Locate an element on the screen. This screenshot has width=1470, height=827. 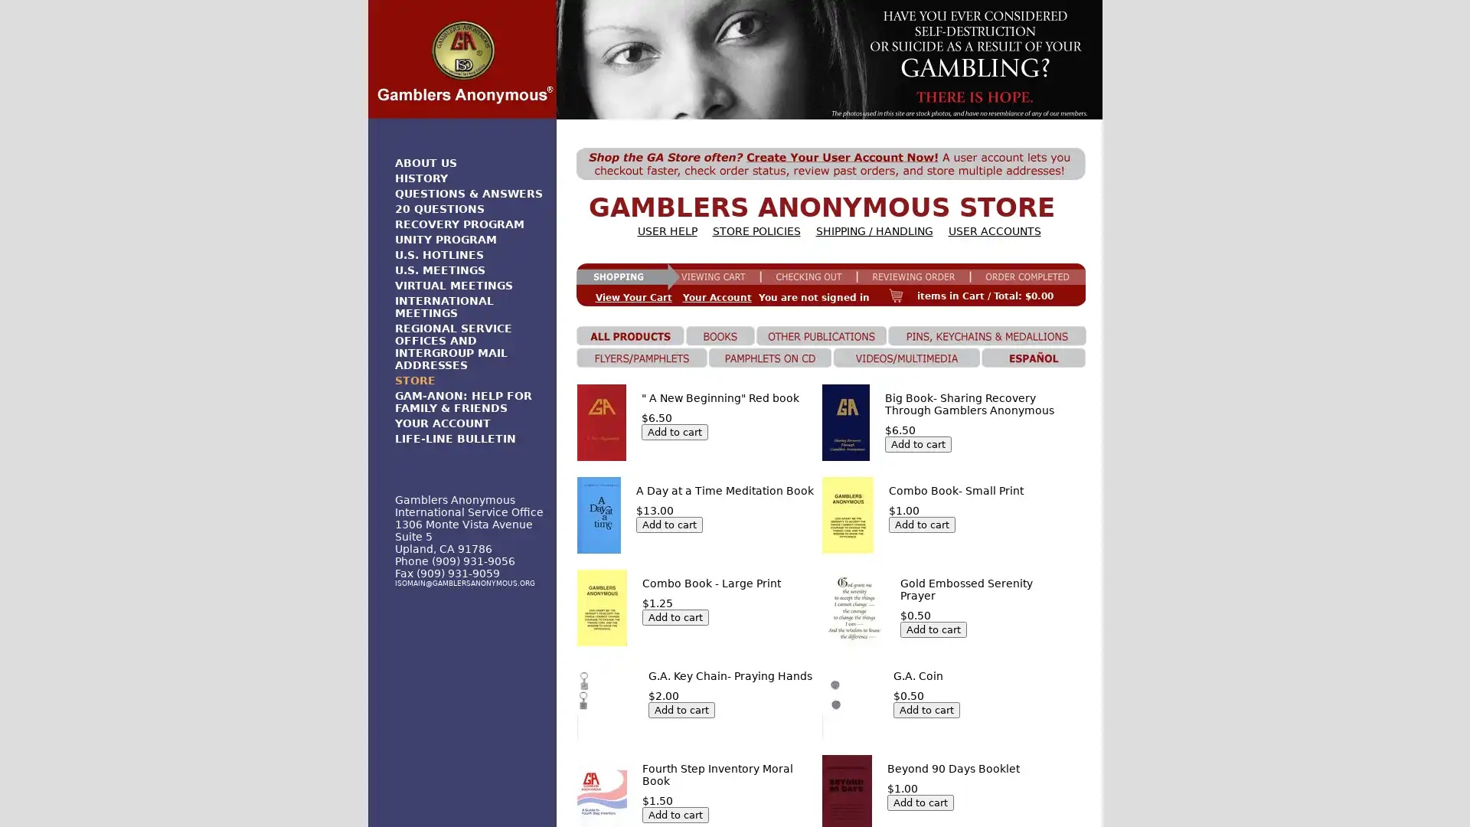
Add to cart is located at coordinates (921, 523).